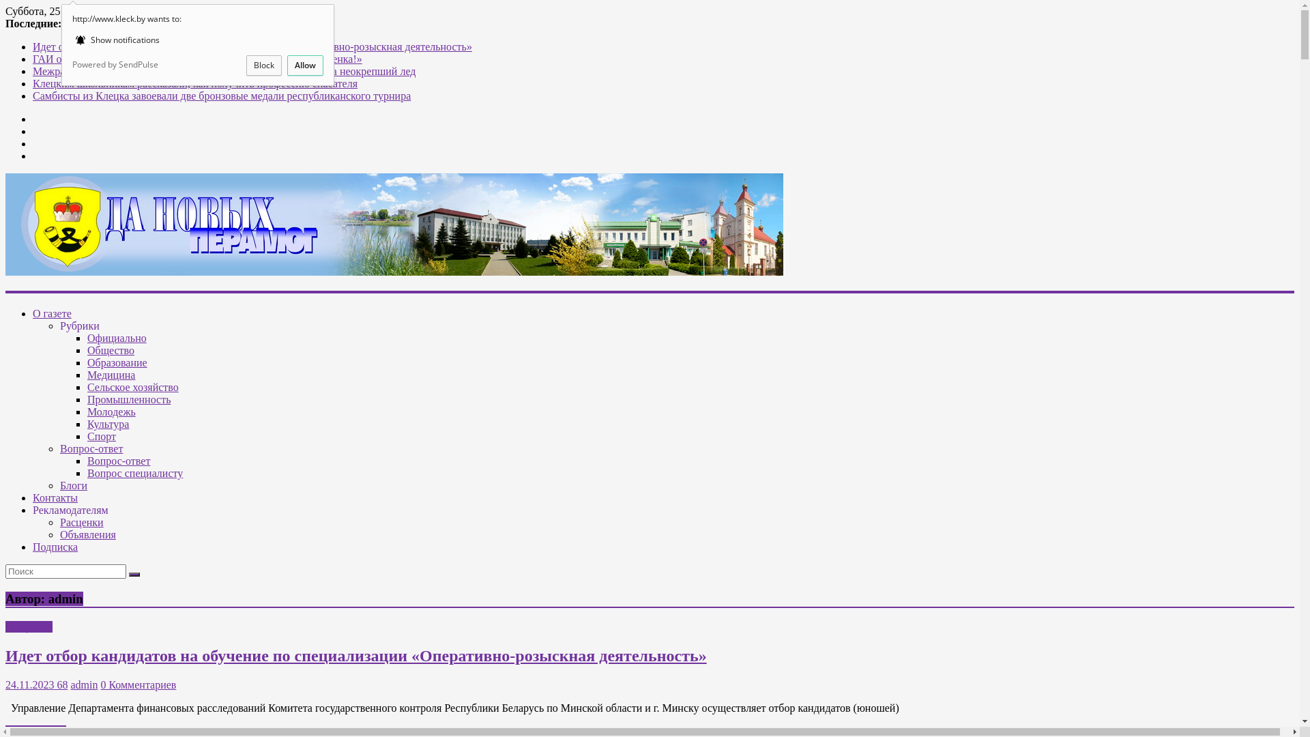 The width and height of the screenshot is (1310, 737). What do you see at coordinates (60, 684) in the screenshot?
I see `'68'` at bounding box center [60, 684].